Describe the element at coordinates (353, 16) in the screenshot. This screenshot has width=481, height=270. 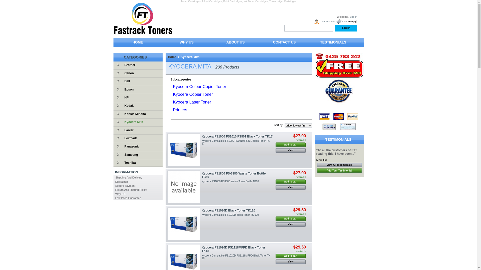
I see `'Log in'` at that location.